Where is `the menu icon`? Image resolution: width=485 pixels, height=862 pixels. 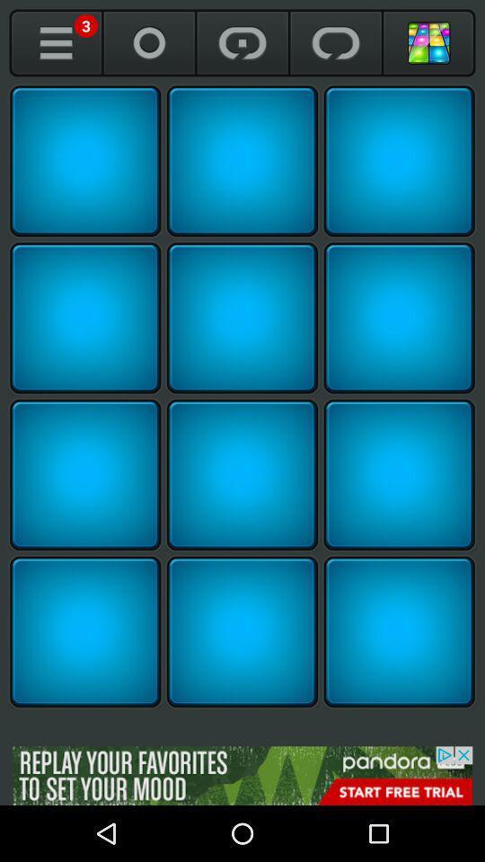
the menu icon is located at coordinates (56, 42).